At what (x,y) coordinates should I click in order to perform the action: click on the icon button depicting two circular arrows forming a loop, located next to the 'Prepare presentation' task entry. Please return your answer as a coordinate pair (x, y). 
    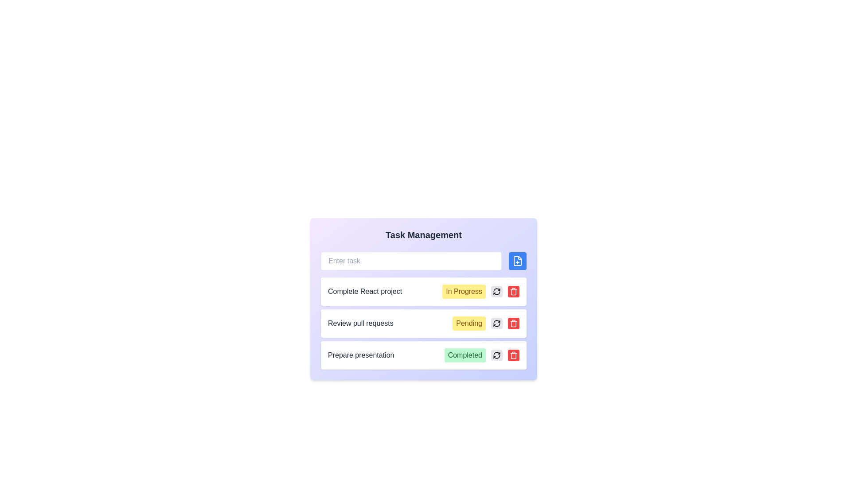
    Looking at the image, I should click on (497, 355).